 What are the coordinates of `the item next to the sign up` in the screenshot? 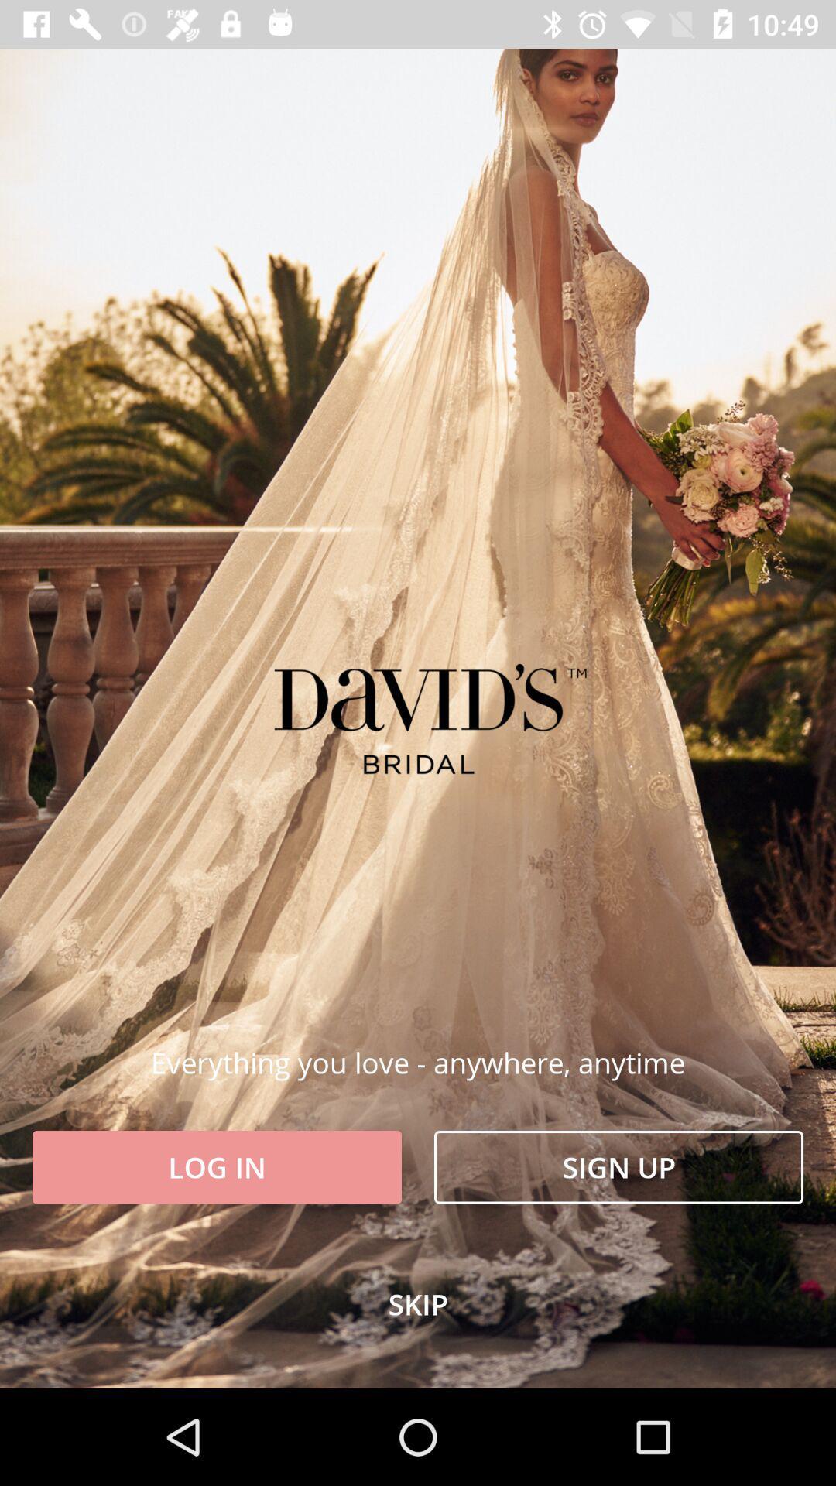 It's located at (217, 1167).